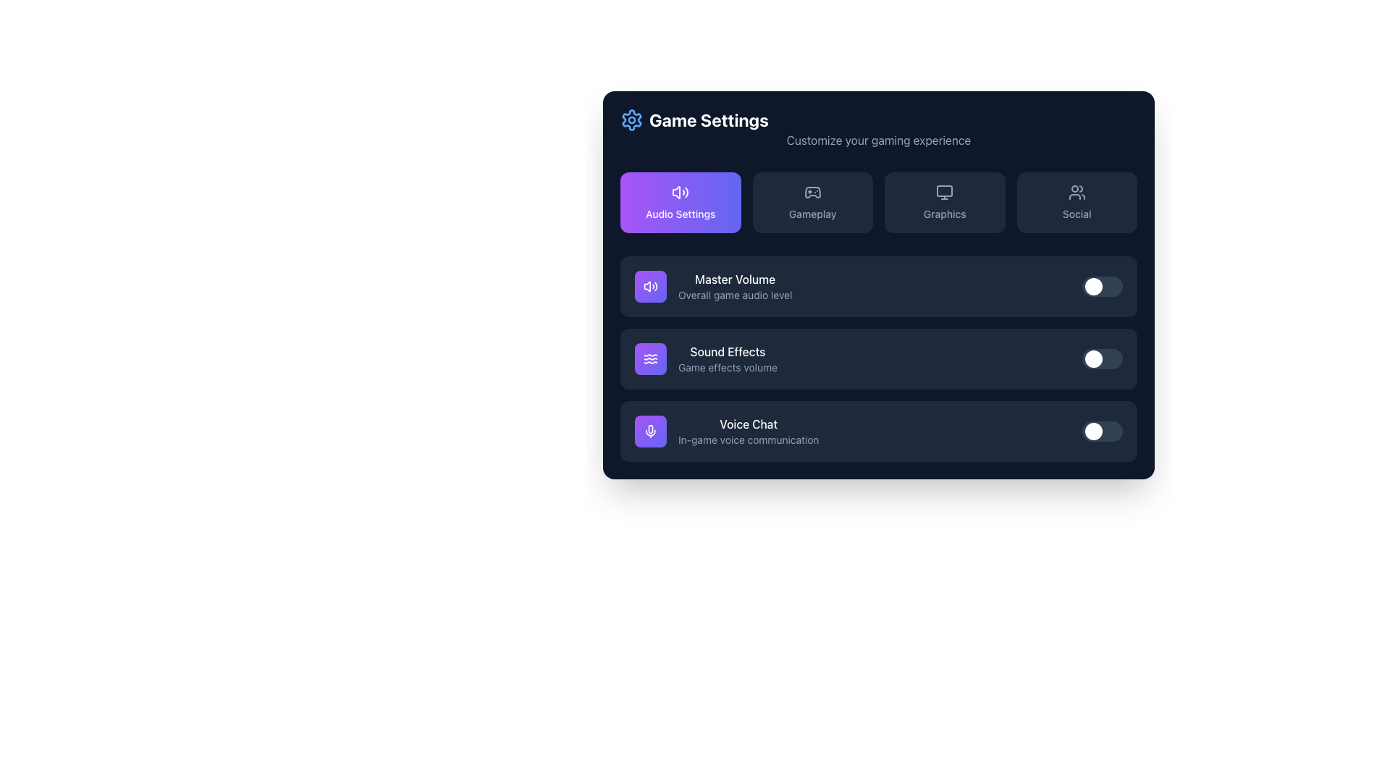 The width and height of the screenshot is (1390, 782). I want to click on settings for the list item labeled 'Sound Effects' which includes a purple wave icon and two lines of text, located in the Audio Settings section, so click(706, 358).